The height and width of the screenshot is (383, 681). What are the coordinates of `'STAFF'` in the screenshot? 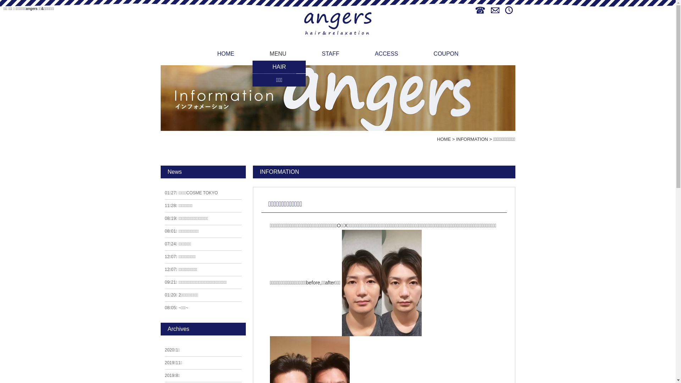 It's located at (321, 53).